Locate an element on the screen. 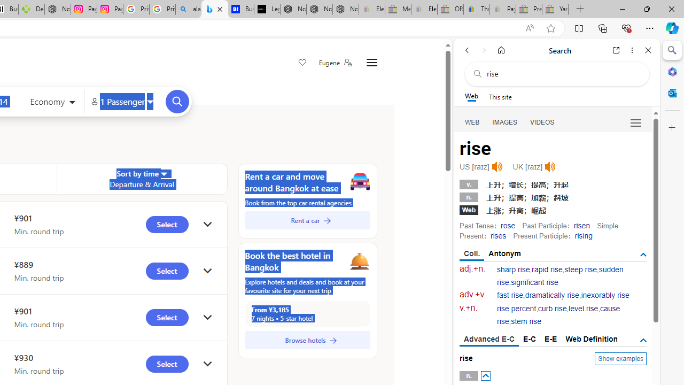  'sudden rise' is located at coordinates (559, 275).